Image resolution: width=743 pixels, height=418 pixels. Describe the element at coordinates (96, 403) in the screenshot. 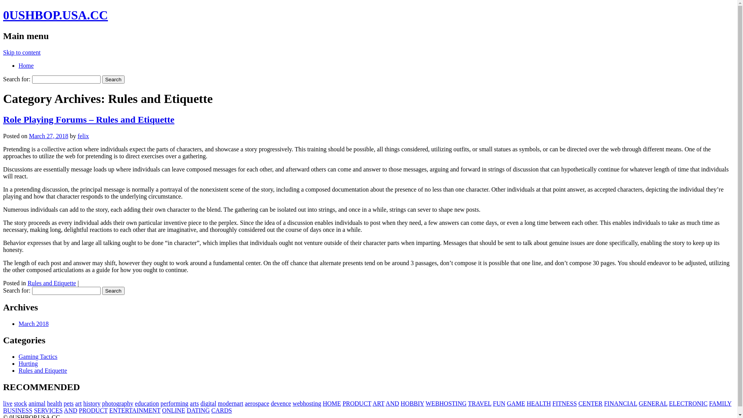

I see `'r'` at that location.